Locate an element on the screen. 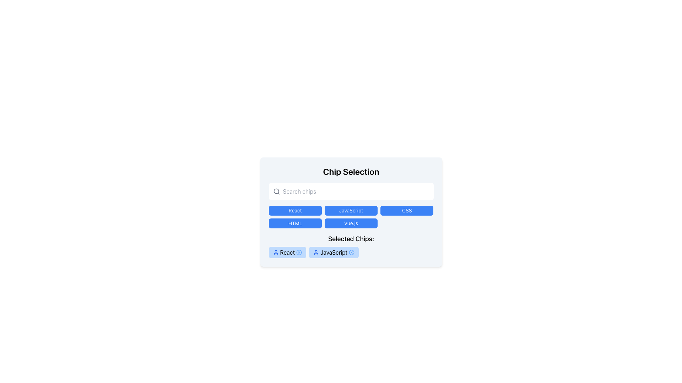  the circular component of the search icon located at the center of the search input field, near the placeholder text 'Search chips' is located at coordinates (276, 191).